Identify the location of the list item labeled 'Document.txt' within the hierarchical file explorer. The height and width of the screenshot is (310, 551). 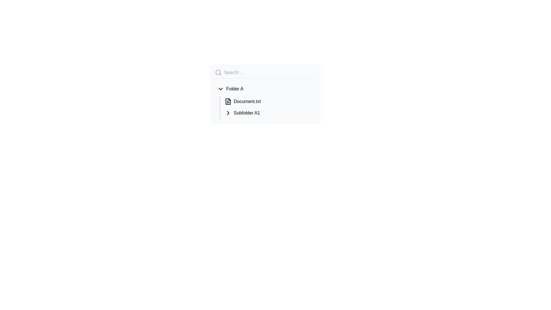
(265, 100).